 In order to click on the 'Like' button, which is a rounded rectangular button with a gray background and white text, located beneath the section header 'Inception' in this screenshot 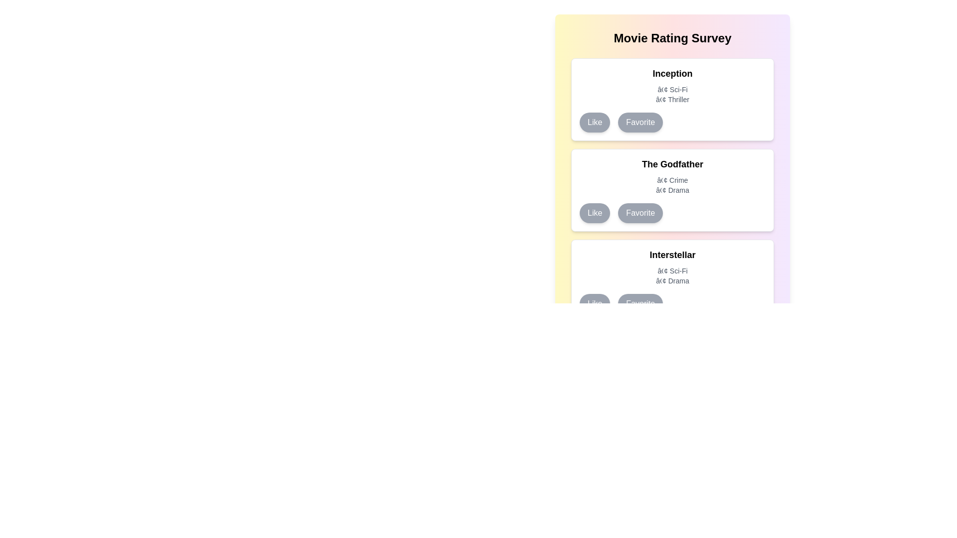, I will do `click(595, 122)`.